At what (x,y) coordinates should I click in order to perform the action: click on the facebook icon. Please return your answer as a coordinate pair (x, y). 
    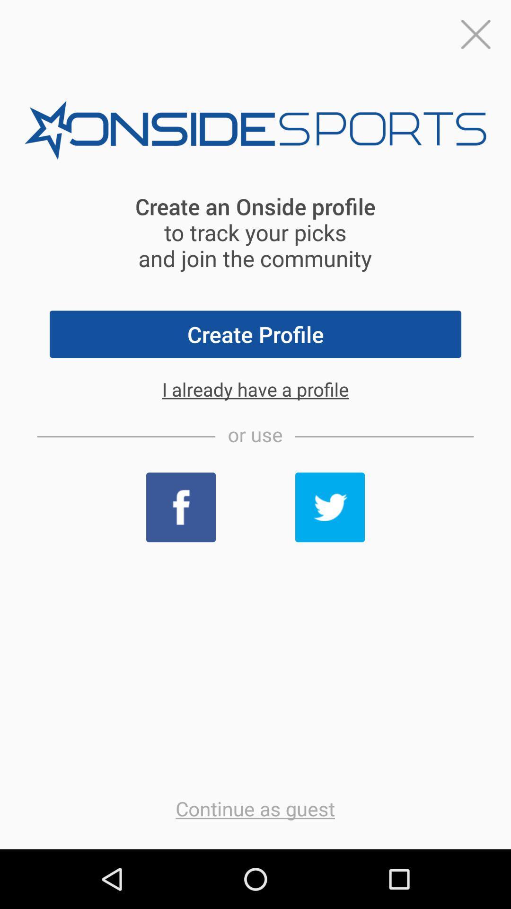
    Looking at the image, I should click on (181, 543).